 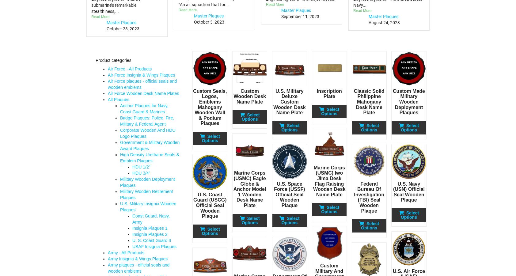 I want to click on 'Government & Military Wooden Award Plaques', so click(x=150, y=146).